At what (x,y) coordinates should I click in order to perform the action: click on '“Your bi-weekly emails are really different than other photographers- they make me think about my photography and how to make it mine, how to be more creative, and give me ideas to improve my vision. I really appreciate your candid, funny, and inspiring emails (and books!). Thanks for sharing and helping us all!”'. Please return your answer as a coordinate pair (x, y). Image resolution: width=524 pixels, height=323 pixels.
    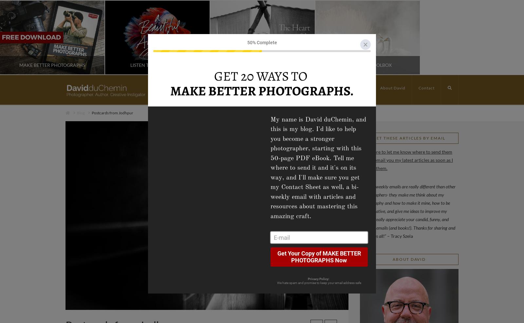
    Looking at the image, I should click on (407, 211).